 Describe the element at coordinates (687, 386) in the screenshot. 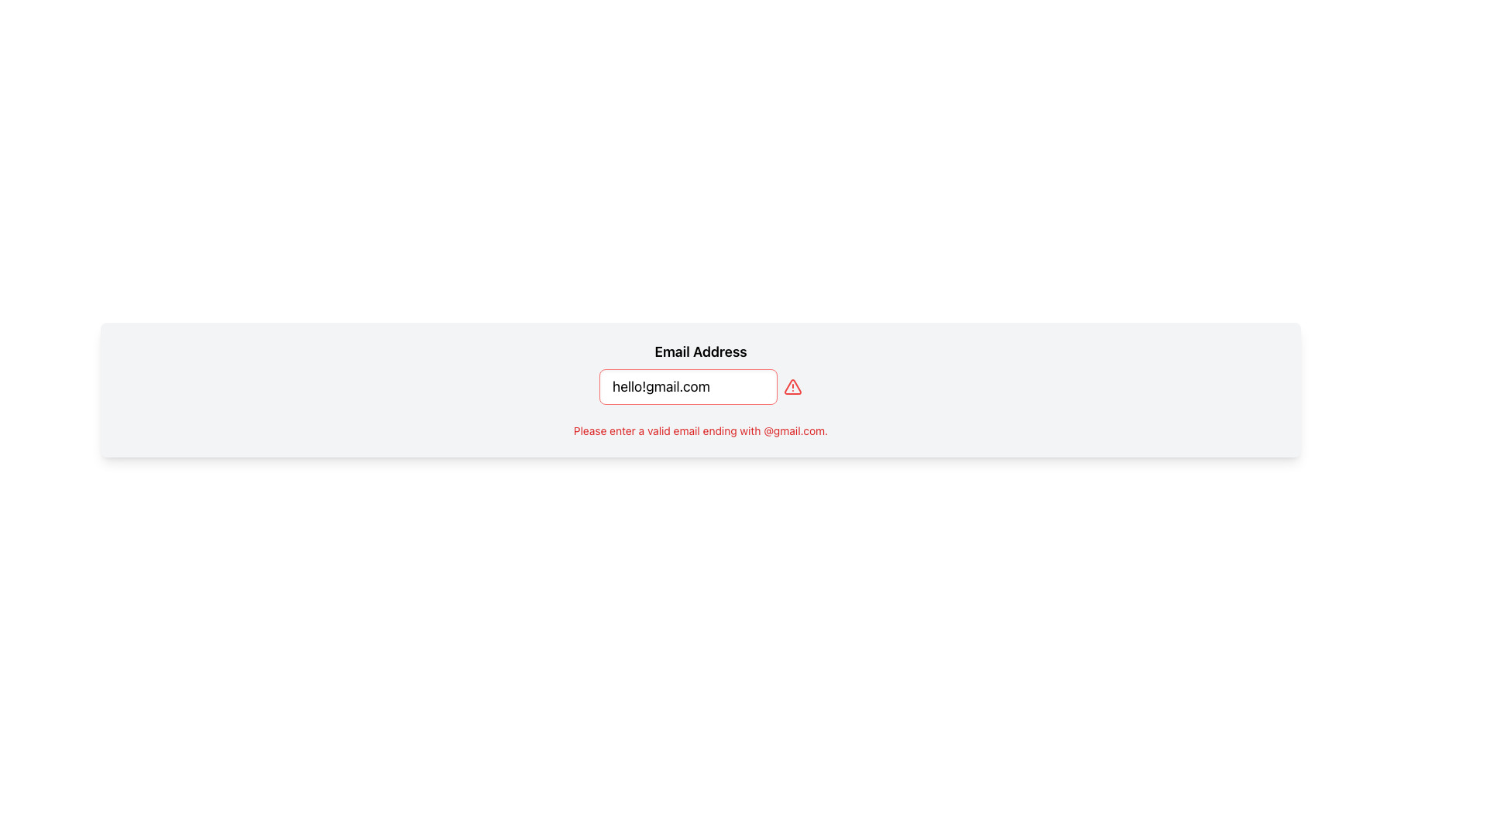

I see `the text input field with a red border indicating an error, which contains the placeholder text 'hello!gmail.com', to focus on it` at that location.